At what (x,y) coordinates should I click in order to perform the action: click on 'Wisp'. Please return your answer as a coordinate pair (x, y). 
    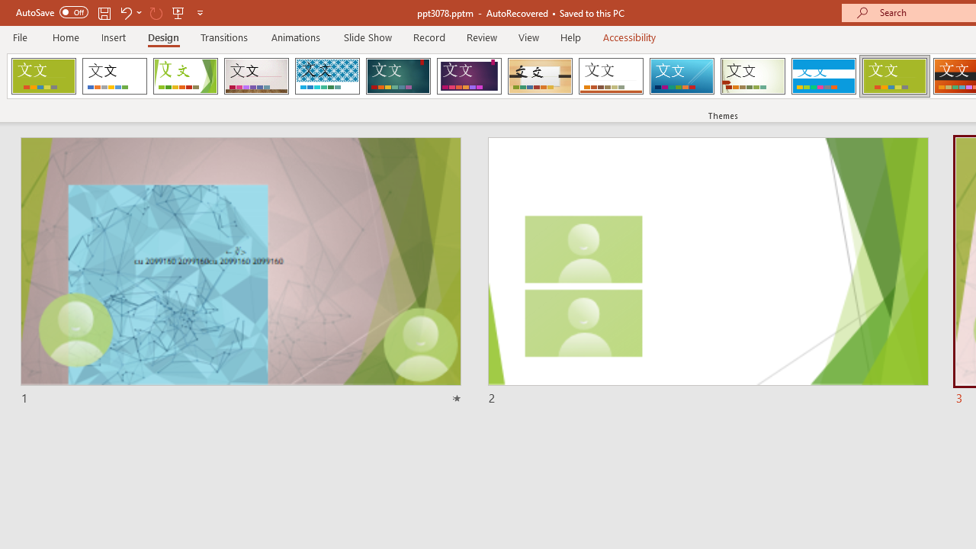
    Looking at the image, I should click on (753, 76).